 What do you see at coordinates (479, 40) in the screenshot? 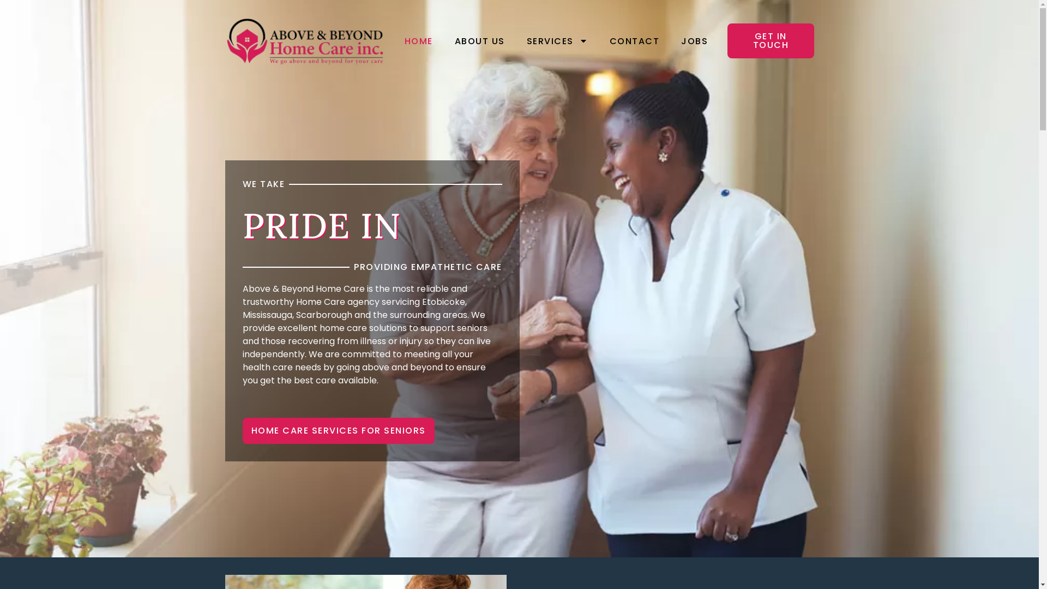
I see `'ABOUT US'` at bounding box center [479, 40].